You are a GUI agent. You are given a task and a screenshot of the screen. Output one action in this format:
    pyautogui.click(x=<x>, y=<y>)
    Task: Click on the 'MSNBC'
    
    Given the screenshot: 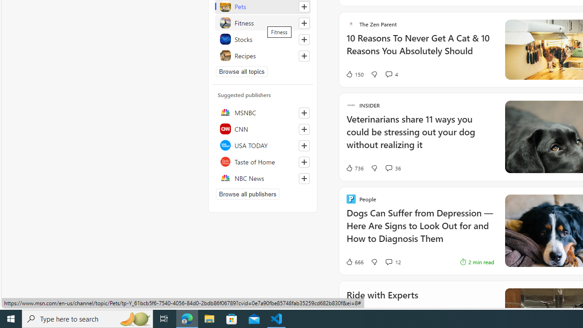 What is the action you would take?
    pyautogui.click(x=262, y=112)
    